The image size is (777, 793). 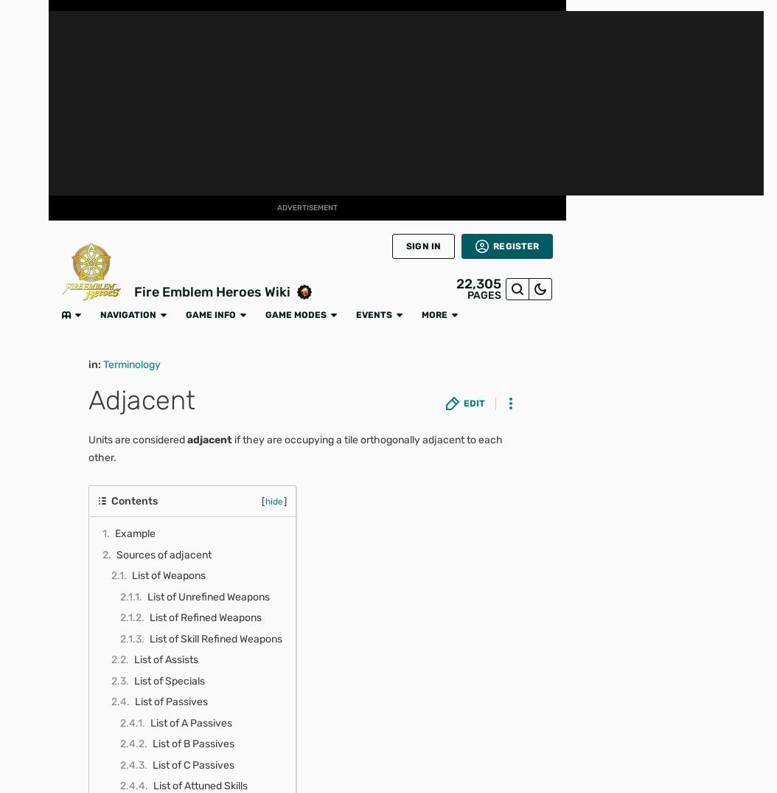 I want to click on 'FANDOM', so click(x=9, y=49).